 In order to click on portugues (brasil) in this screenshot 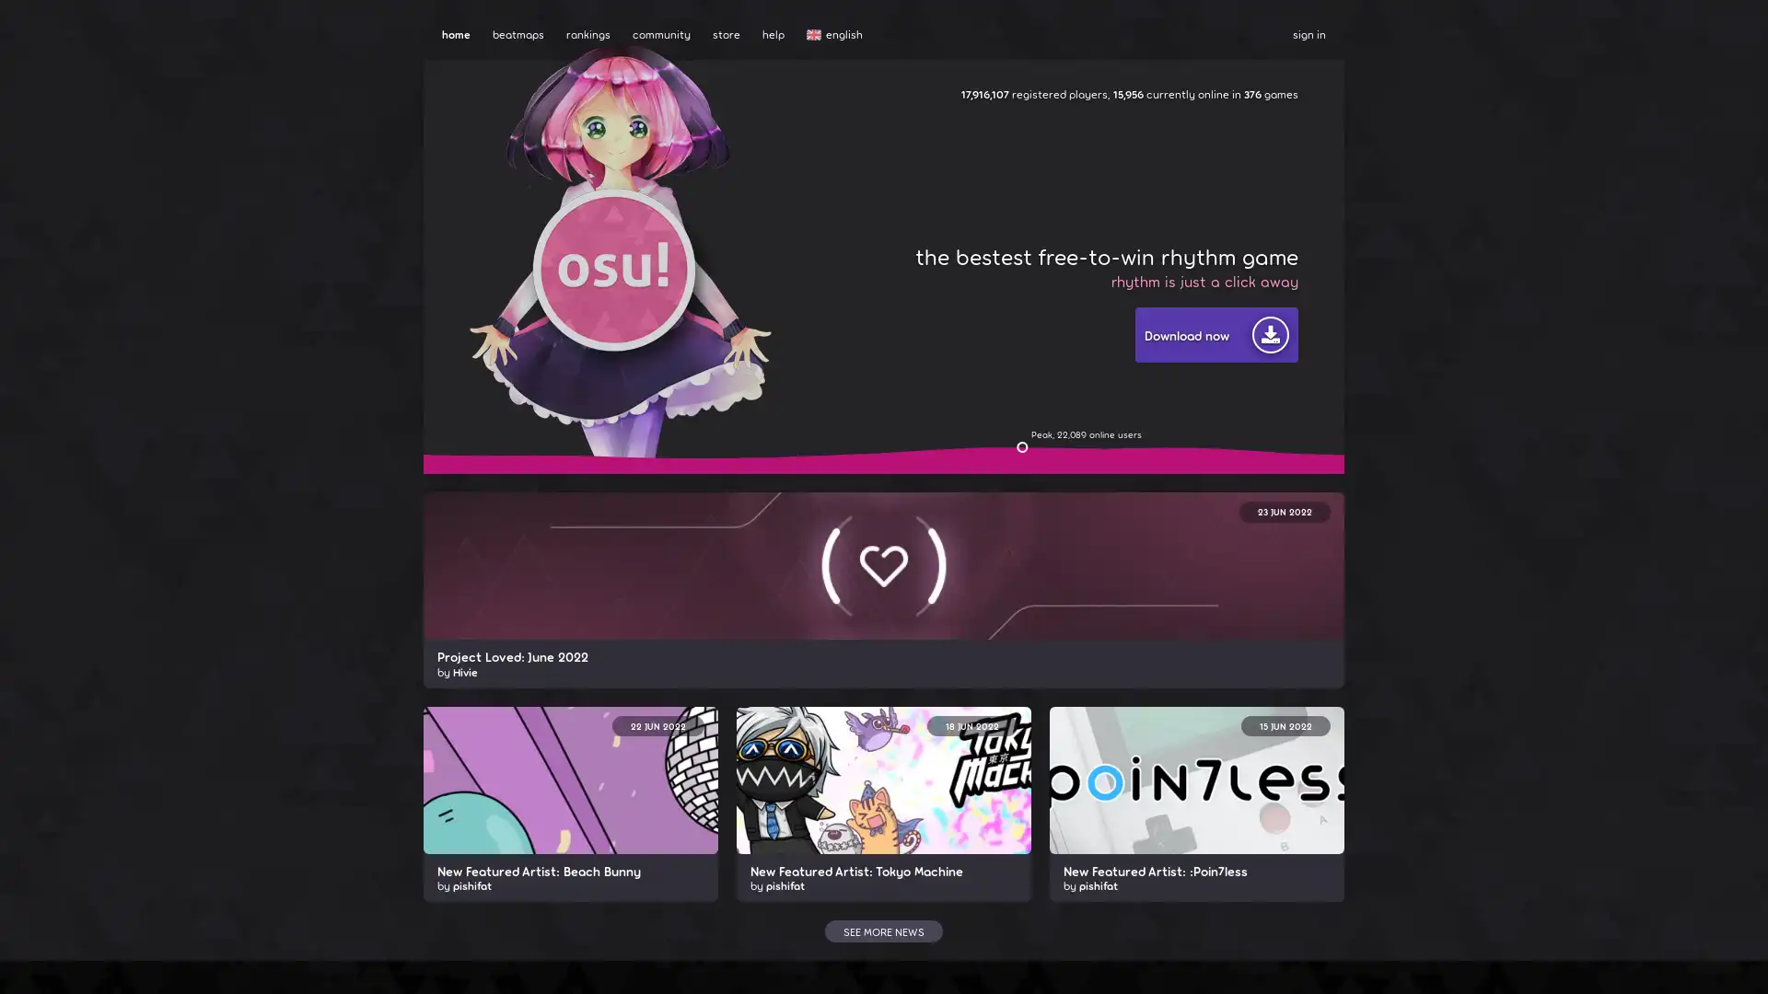, I will do `click(861, 526)`.